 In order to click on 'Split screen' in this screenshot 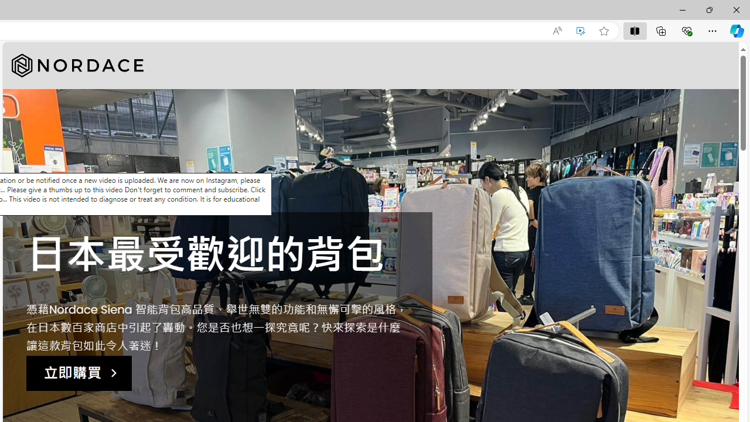, I will do `click(634, 30)`.